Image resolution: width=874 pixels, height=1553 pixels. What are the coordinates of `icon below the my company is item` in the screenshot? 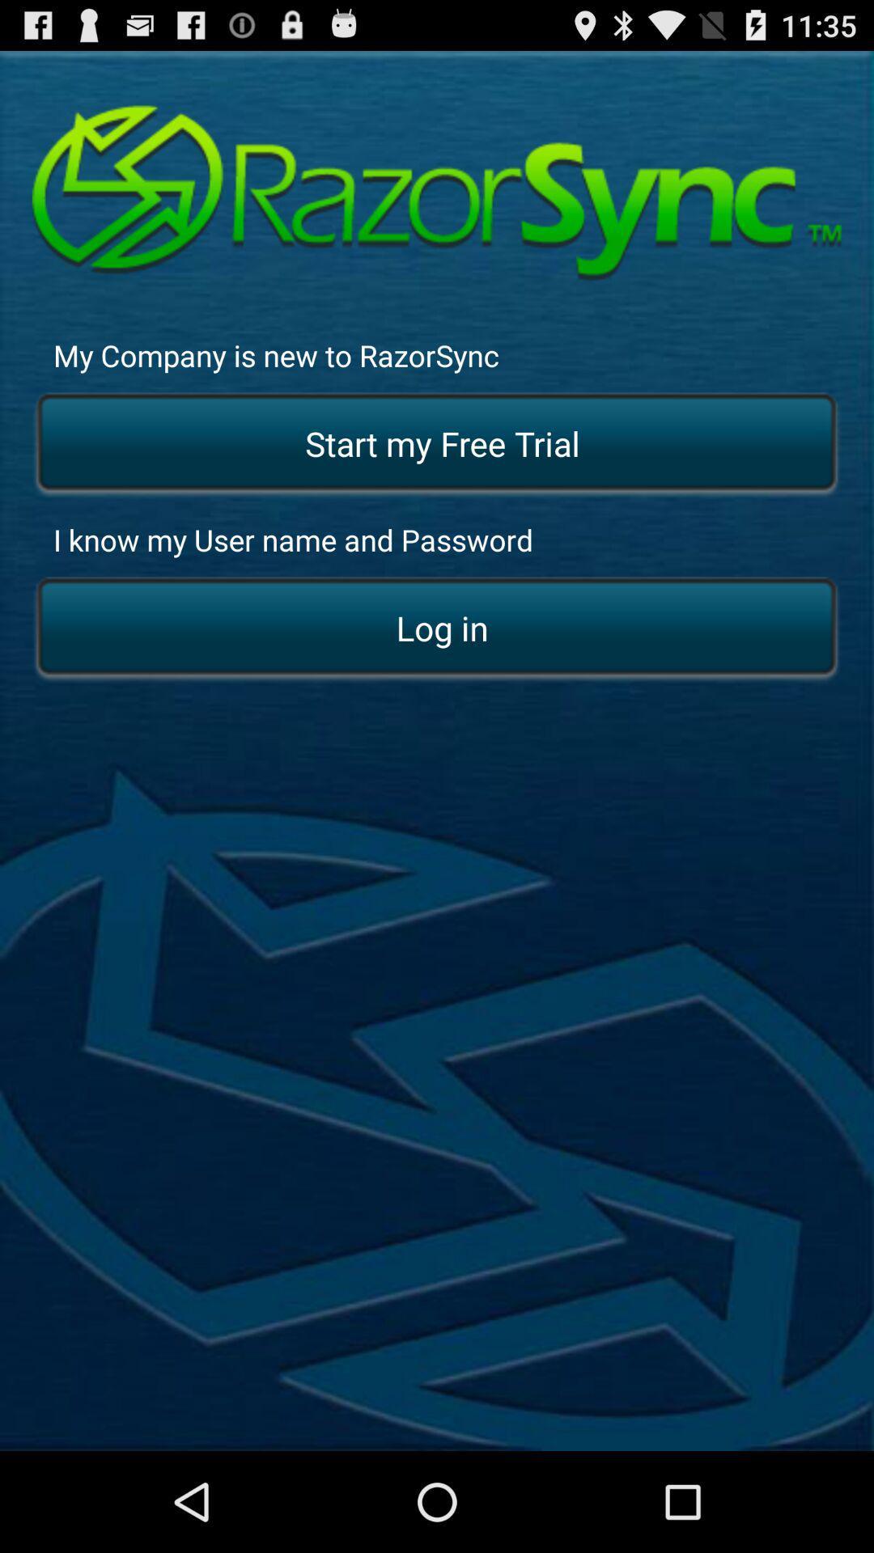 It's located at (437, 445).